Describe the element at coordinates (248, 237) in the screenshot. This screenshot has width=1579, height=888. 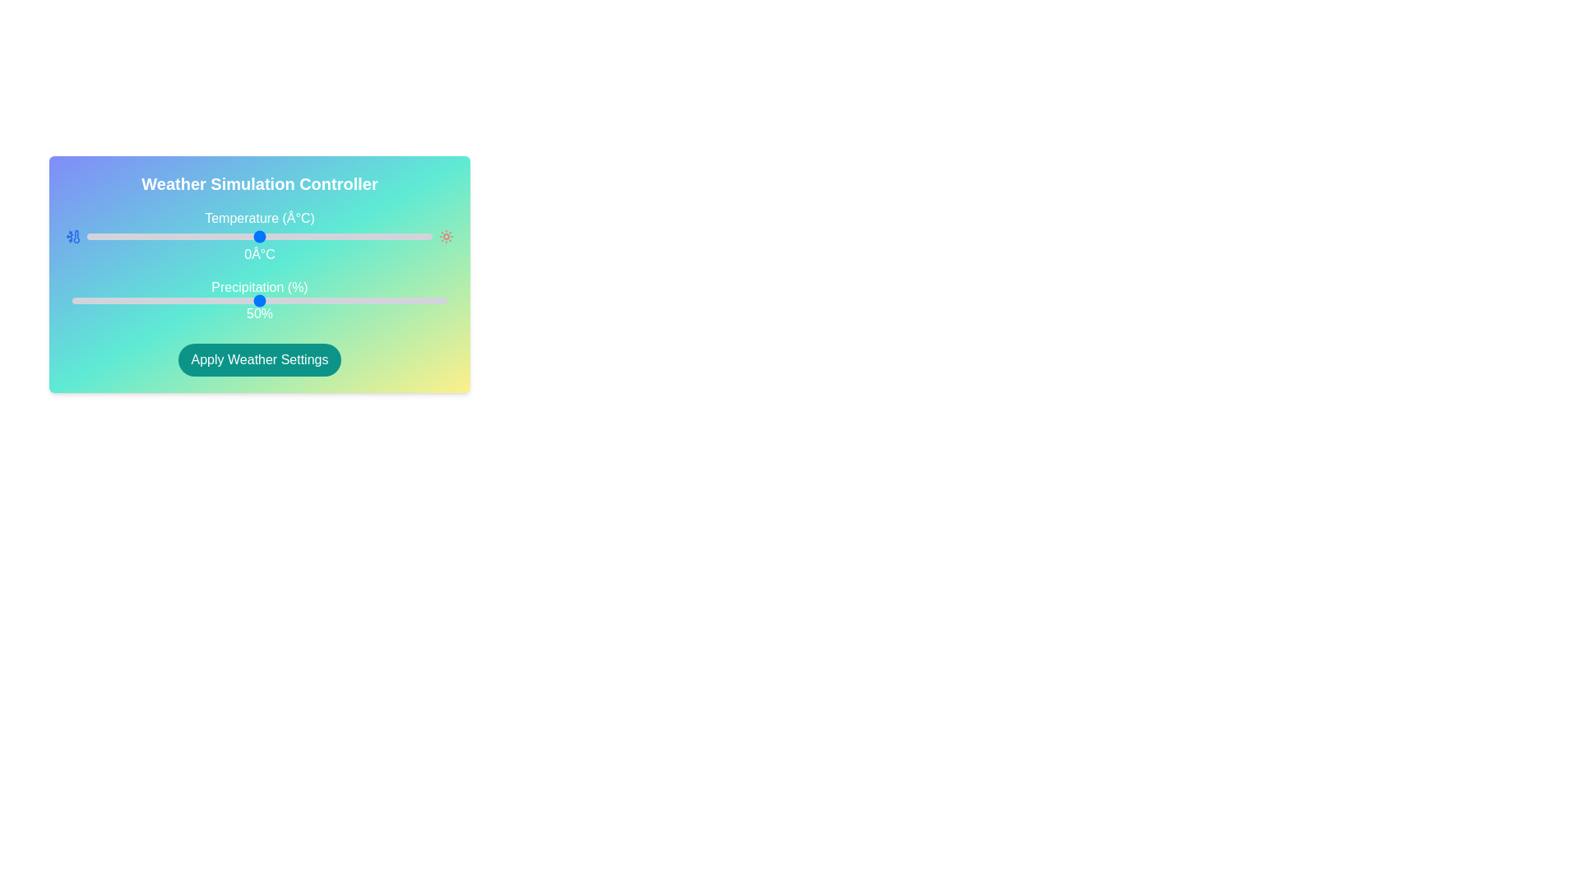
I see `the temperature slider to -3°C` at that location.